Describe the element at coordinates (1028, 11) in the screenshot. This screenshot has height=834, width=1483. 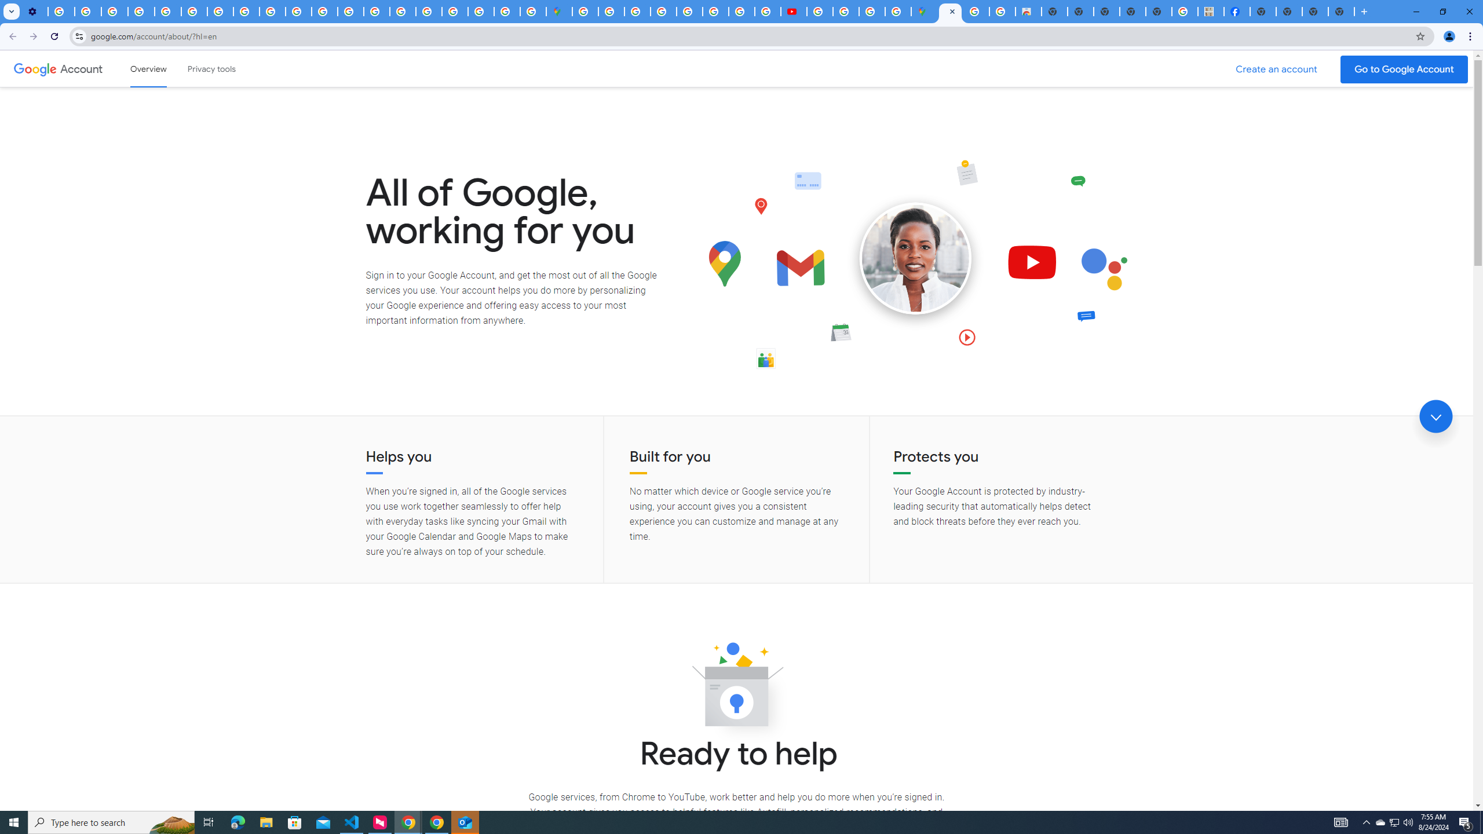
I see `'Chrome Web Store - Shopping'` at that location.